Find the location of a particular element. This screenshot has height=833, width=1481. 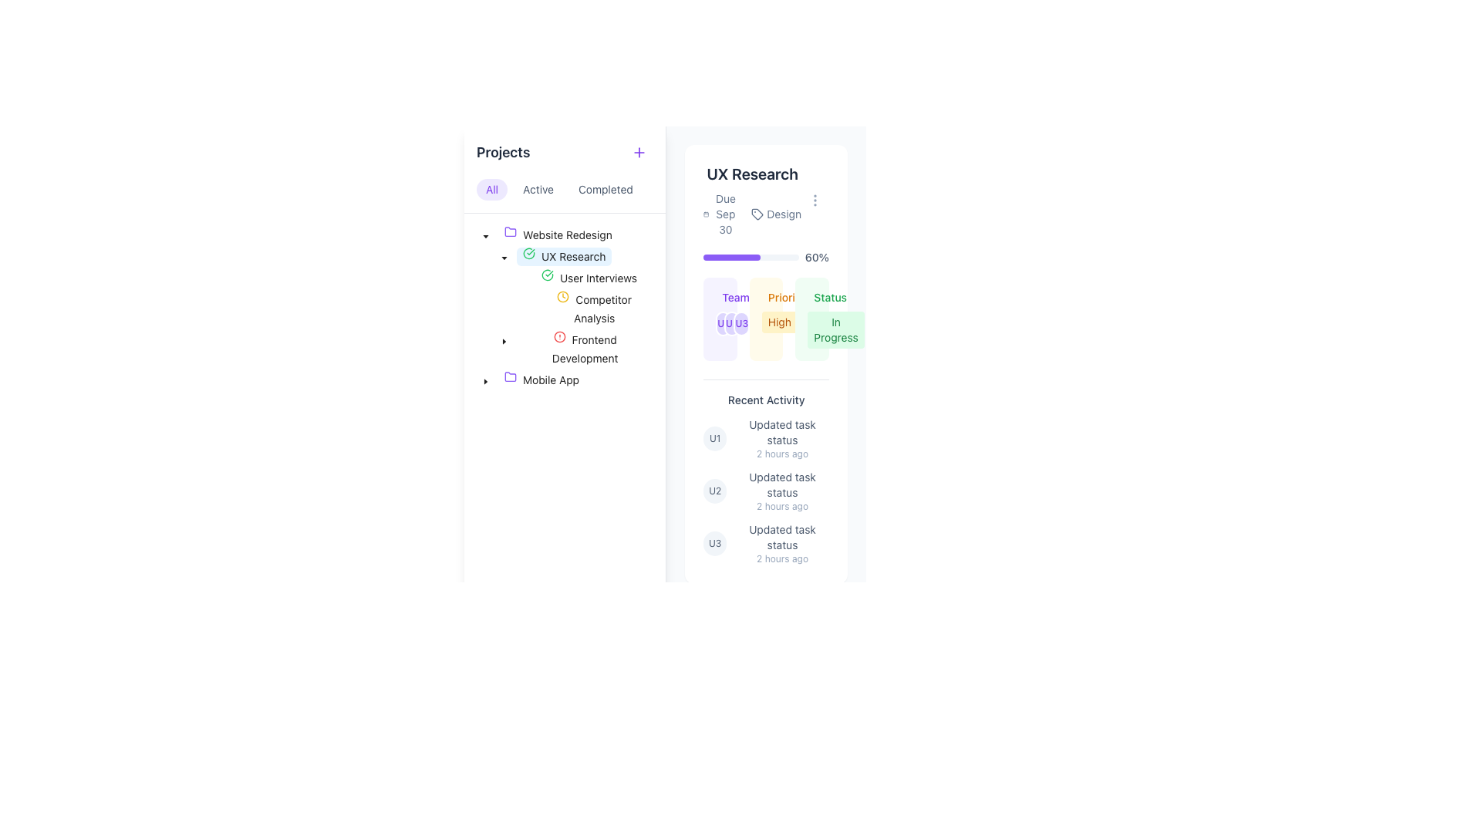

the Label with accompanying icon in the 'UX Research' section, located below 'Due Sep 30' and to the right of the tag icon is located at coordinates (776, 214).